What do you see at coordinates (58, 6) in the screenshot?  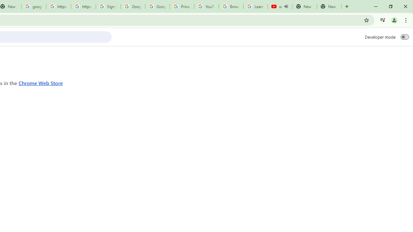 I see `'https://scholar.google.com/'` at bounding box center [58, 6].